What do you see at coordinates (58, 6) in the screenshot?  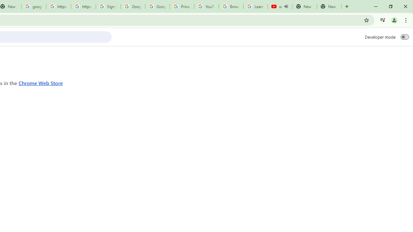 I see `'https://scholar.google.com/'` at bounding box center [58, 6].